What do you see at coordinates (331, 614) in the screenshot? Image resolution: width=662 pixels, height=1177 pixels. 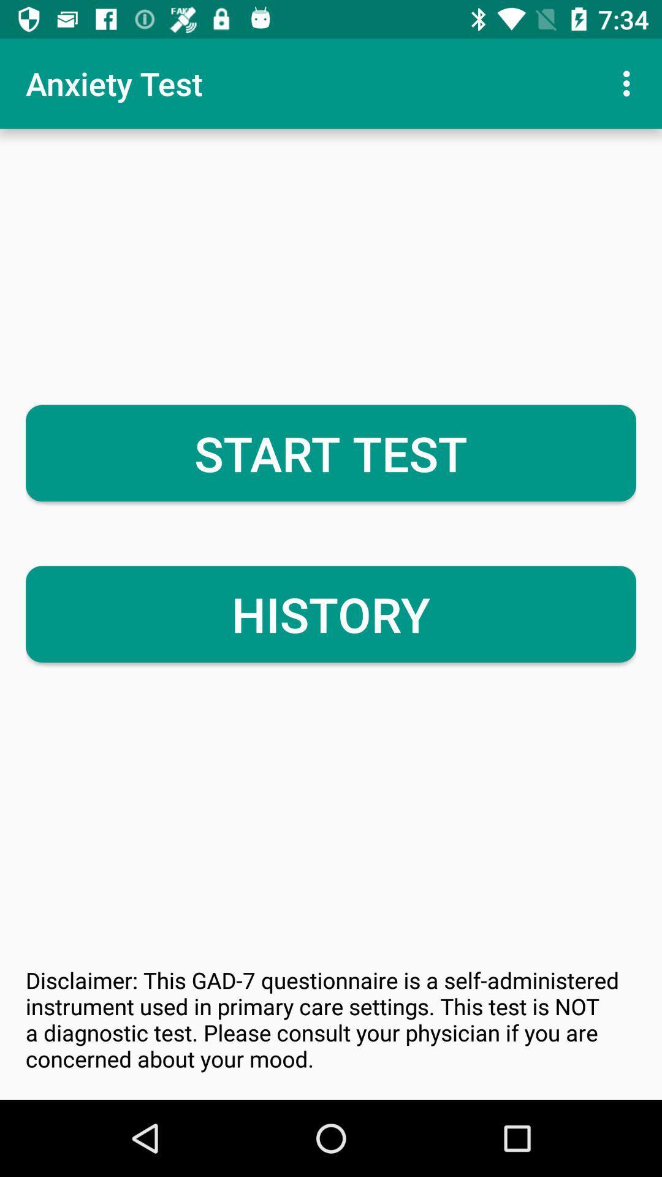 I see `item below the start test icon` at bounding box center [331, 614].